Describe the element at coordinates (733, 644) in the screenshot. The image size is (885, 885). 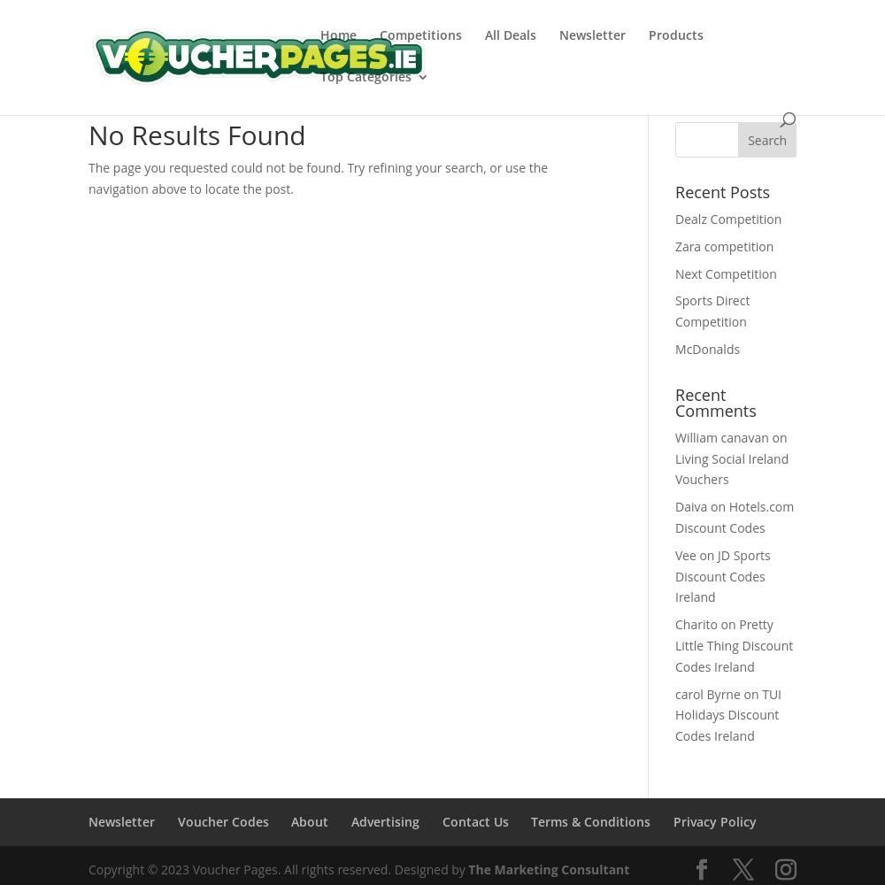
I see `'Pretty Little Thing Discount Codes Ireland'` at that location.